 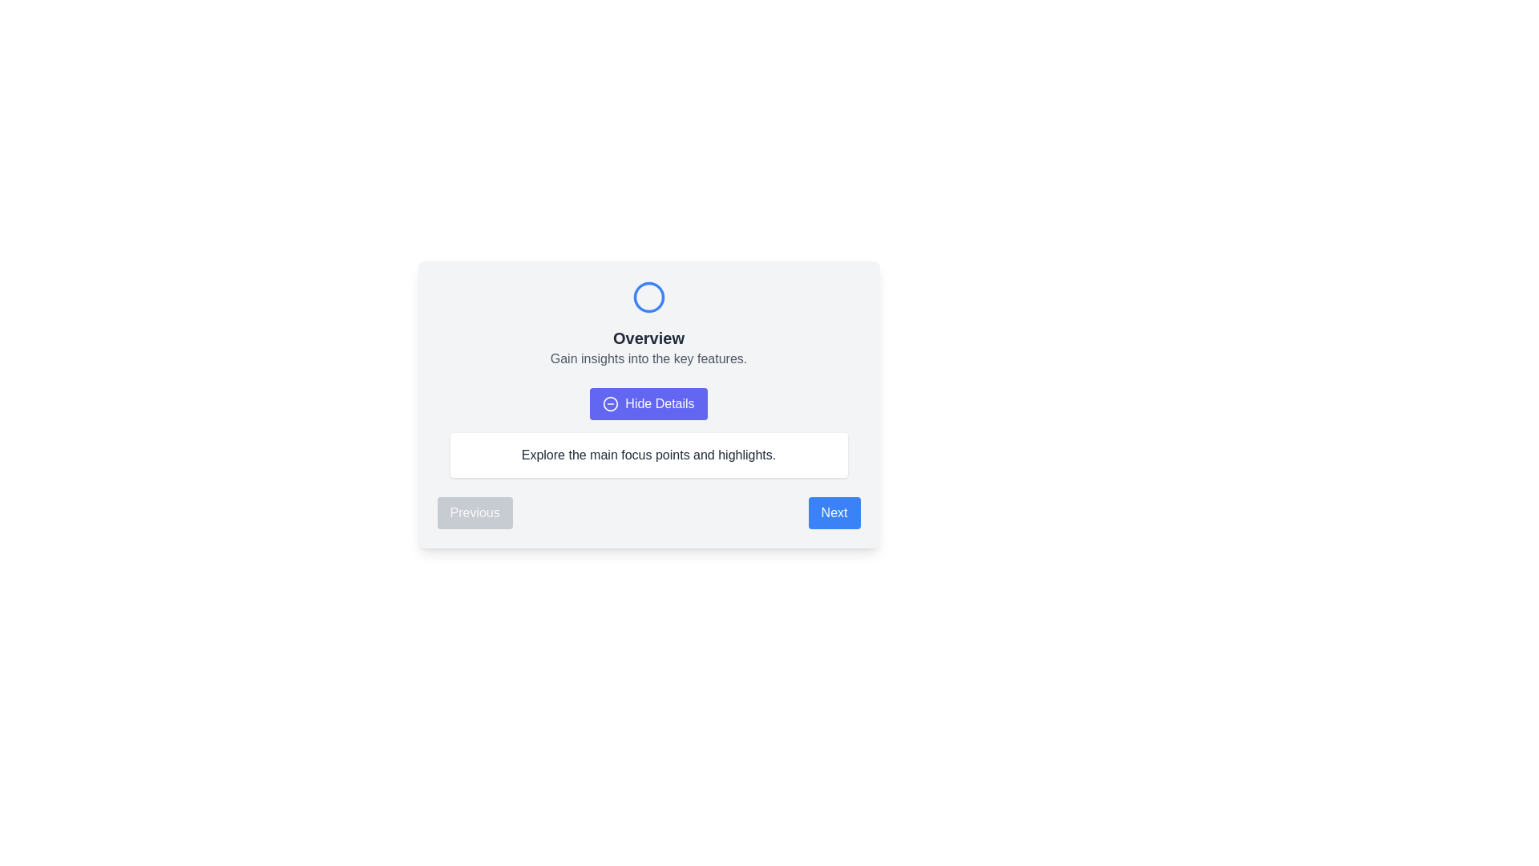 I want to click on the 'Next' button to navigate to the next step, so click(x=834, y=513).